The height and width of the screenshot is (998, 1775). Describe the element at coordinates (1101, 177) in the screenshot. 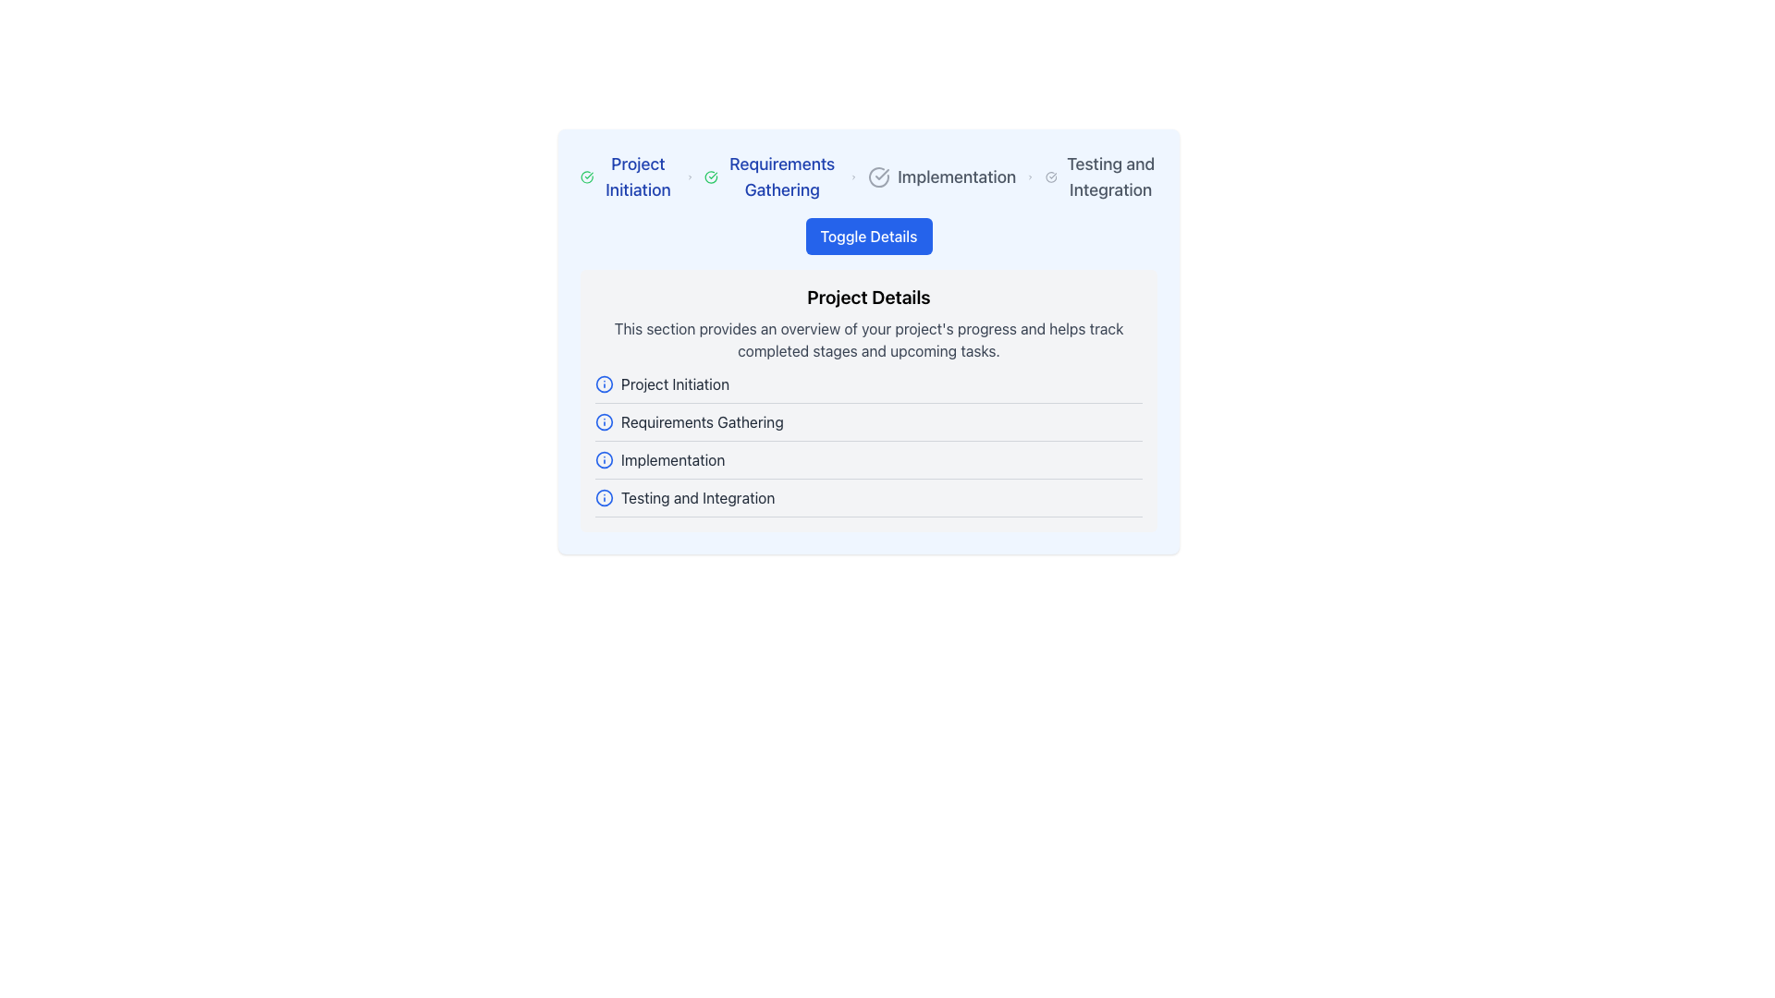

I see `the Step Indicator Text labeled 'Testing and Integration', which is styled with a medium gray font and is the fourth item in the horizontal progress indicator bar` at that location.